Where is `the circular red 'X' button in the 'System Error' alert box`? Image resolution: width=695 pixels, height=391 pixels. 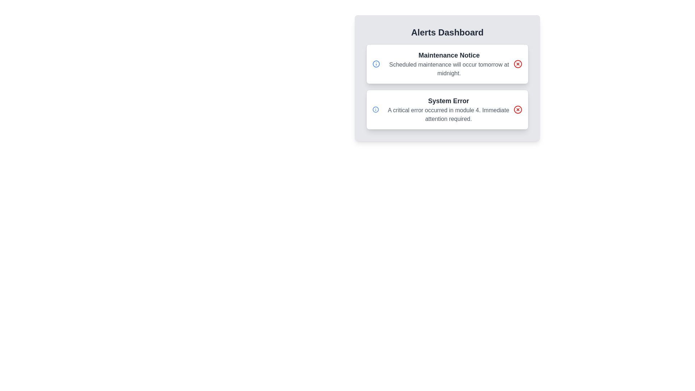 the circular red 'X' button in the 'System Error' alert box is located at coordinates (517, 110).